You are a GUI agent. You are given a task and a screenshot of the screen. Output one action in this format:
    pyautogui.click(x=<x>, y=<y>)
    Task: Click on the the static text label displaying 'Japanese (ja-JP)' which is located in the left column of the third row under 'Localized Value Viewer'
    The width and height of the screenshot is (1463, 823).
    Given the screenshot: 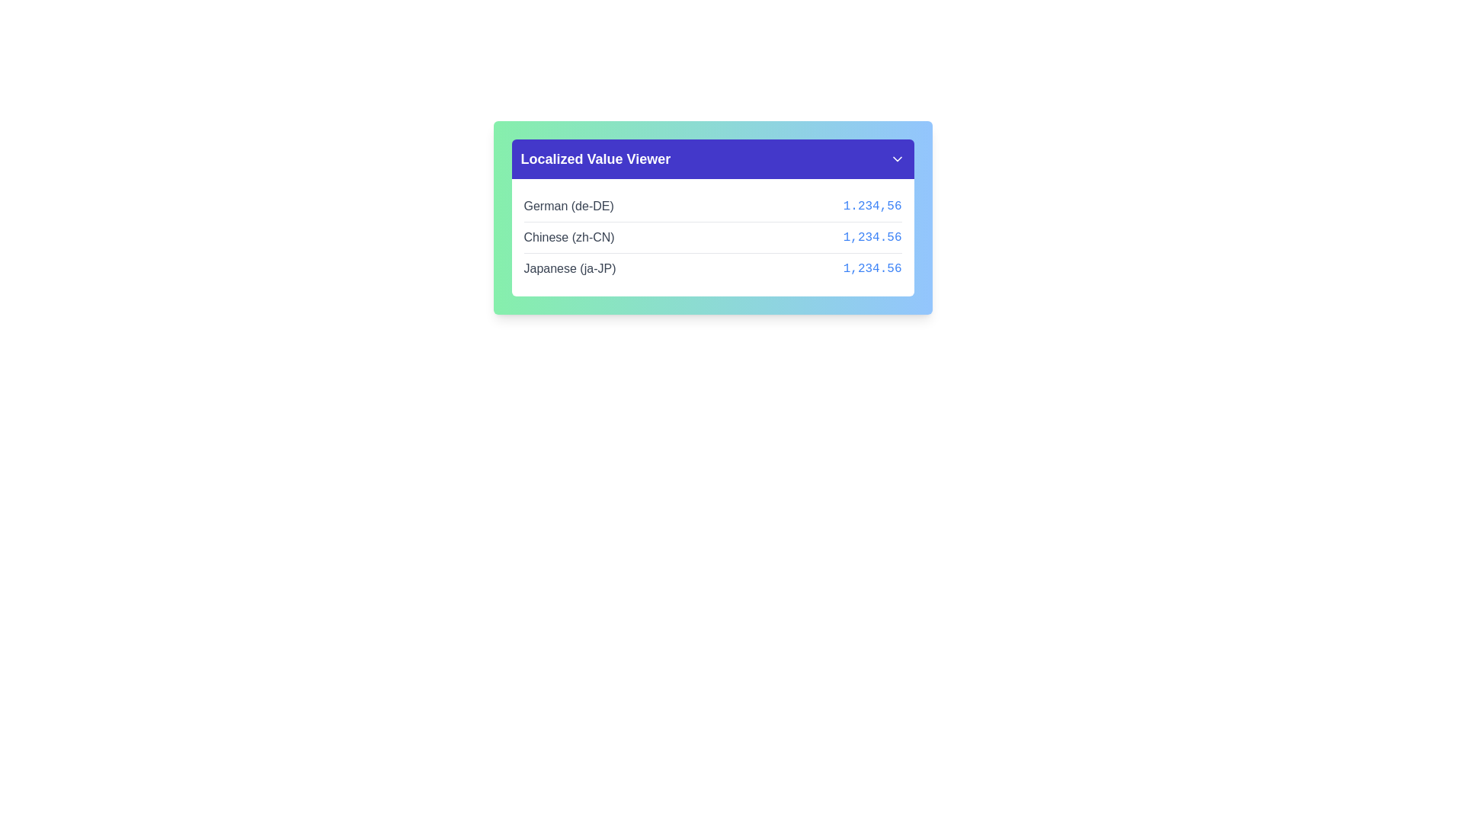 What is the action you would take?
    pyautogui.click(x=569, y=268)
    